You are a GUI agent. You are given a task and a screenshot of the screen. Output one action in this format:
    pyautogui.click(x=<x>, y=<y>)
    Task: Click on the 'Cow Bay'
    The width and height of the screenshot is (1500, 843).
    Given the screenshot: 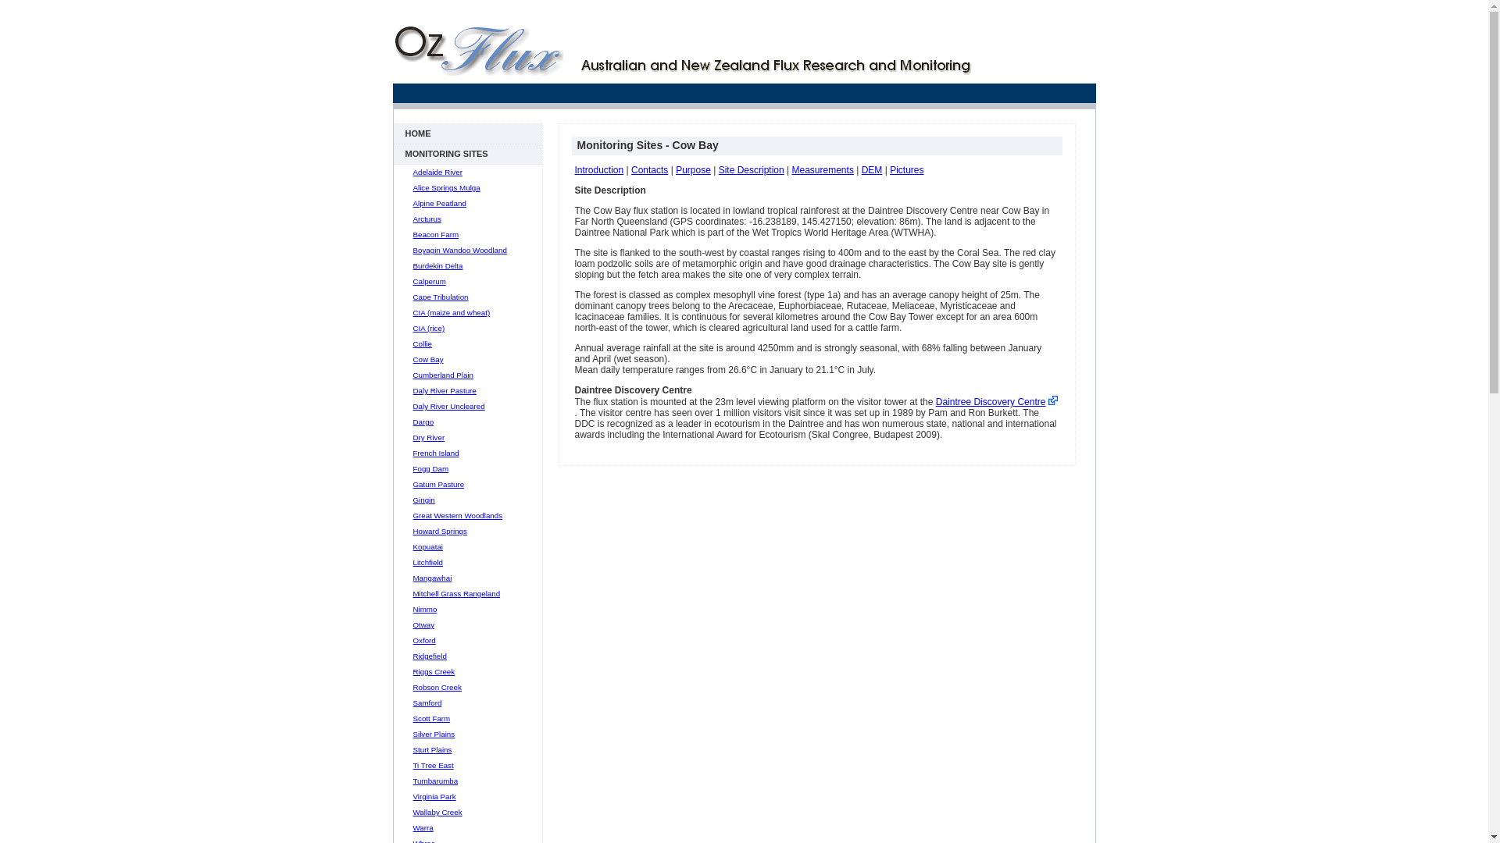 What is the action you would take?
    pyautogui.click(x=427, y=359)
    